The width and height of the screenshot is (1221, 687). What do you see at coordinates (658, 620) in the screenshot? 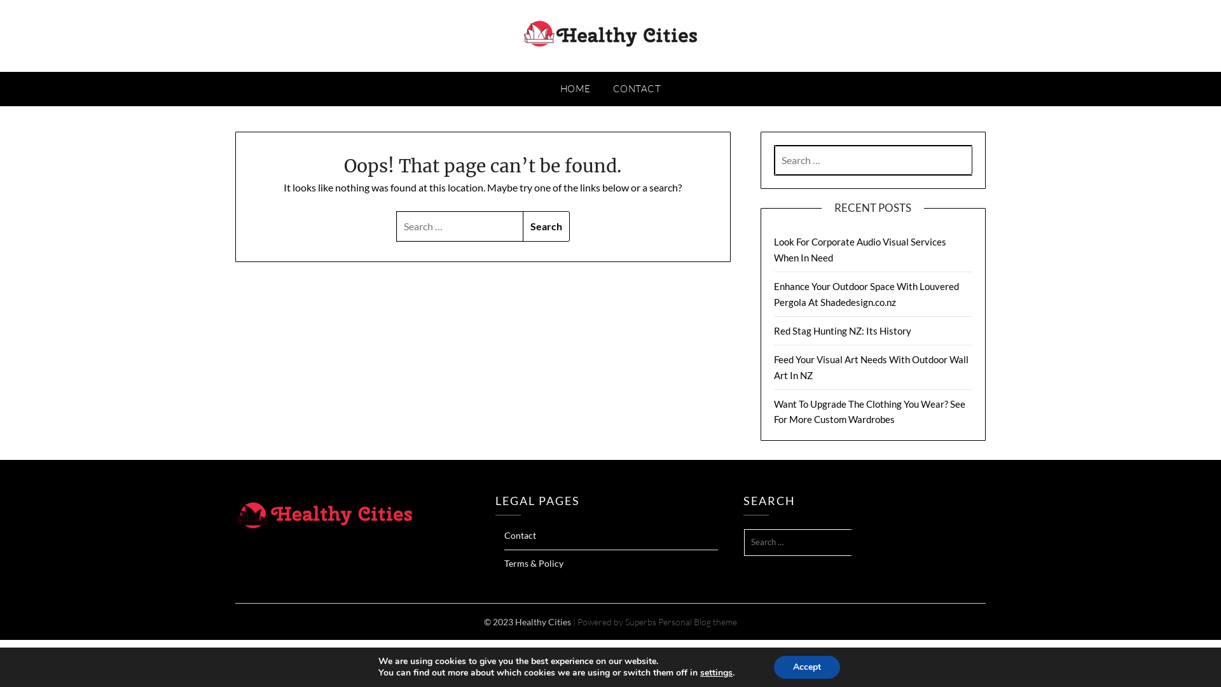
I see `'Personal Blog theme'` at bounding box center [658, 620].